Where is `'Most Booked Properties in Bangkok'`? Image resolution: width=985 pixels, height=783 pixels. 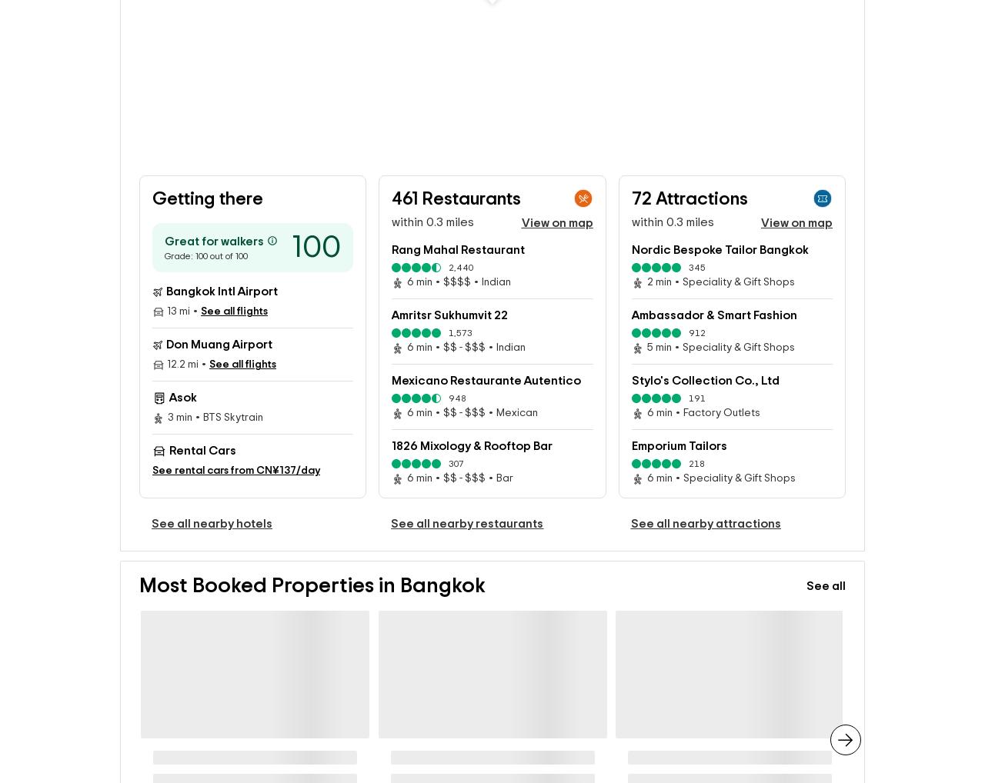
'Most Booked Properties in Bangkok' is located at coordinates (312, 606).